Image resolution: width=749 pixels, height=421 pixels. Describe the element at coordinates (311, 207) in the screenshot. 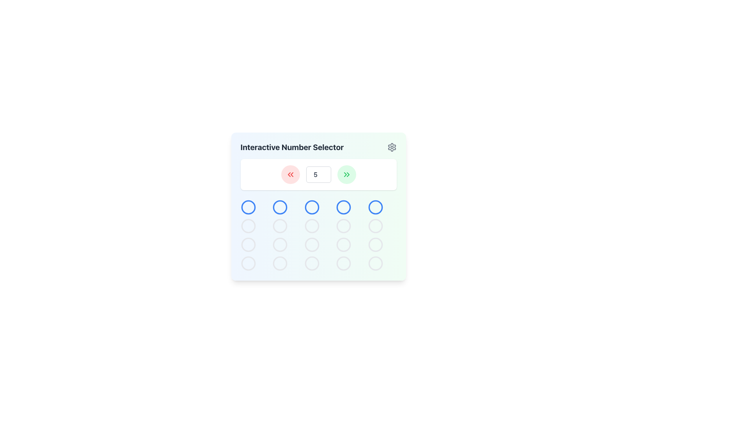

I see `the third circular icon in the first row of the grid` at that location.